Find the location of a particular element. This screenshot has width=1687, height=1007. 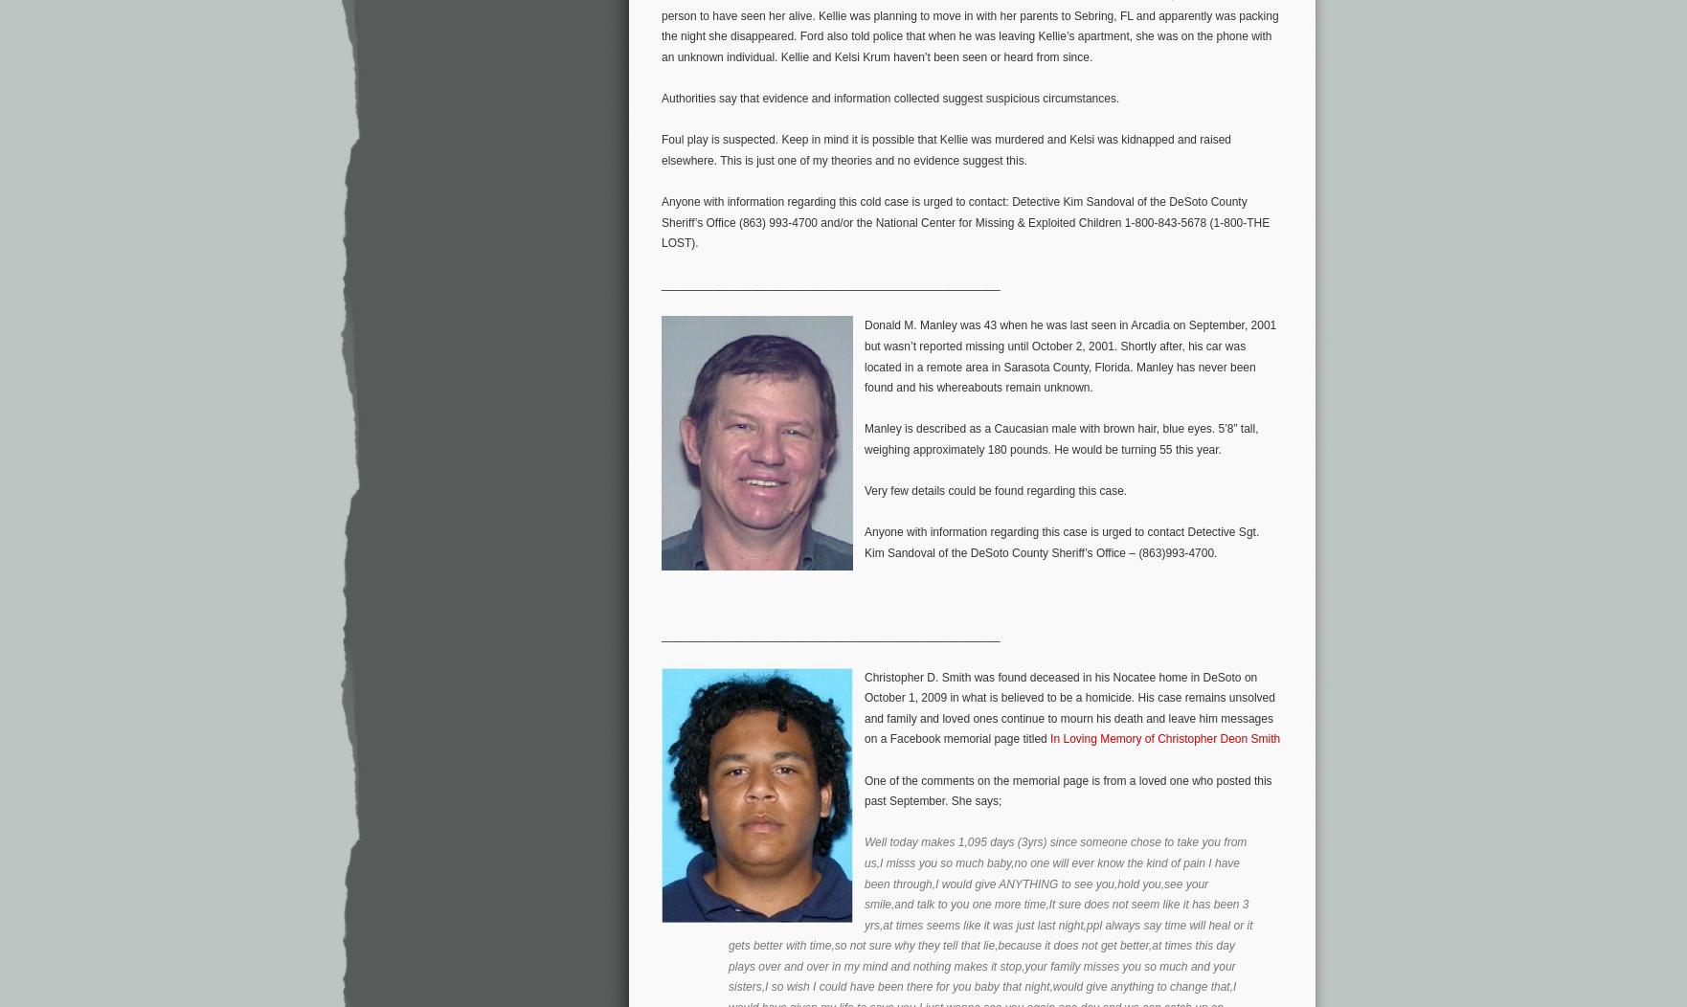

'Manley is described as a Caucasian male with brown hair, blue eyes. 5’8” tall, weighing approximately 180 pounds. He would be turning 55 this year.' is located at coordinates (1061, 438).